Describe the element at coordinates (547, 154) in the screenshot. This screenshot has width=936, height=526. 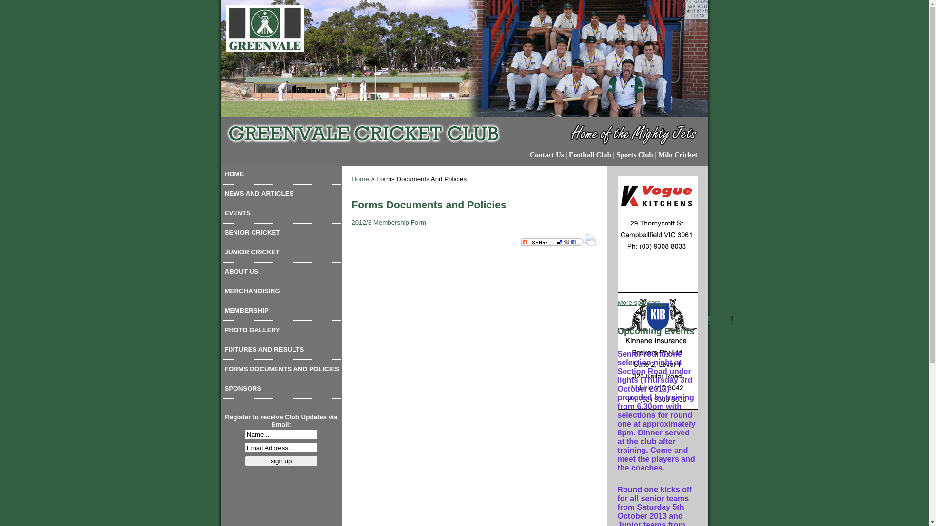
I see `'Contact Us'` at that location.